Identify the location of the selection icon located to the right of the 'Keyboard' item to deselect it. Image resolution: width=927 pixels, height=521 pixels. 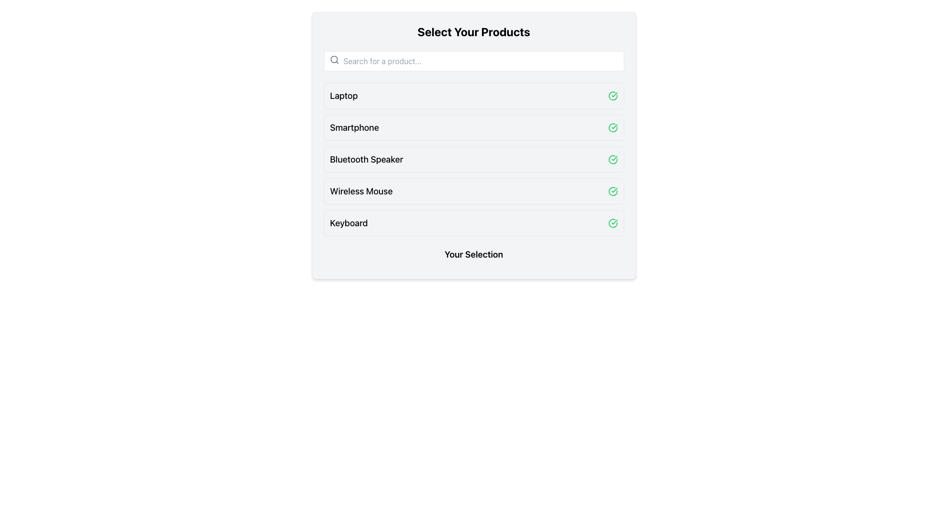
(612, 223).